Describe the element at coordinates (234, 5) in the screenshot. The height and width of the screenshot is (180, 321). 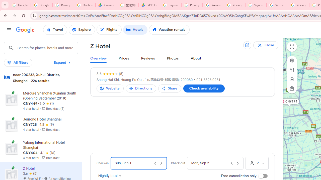
I see `'Privacy Checkup'` at that location.